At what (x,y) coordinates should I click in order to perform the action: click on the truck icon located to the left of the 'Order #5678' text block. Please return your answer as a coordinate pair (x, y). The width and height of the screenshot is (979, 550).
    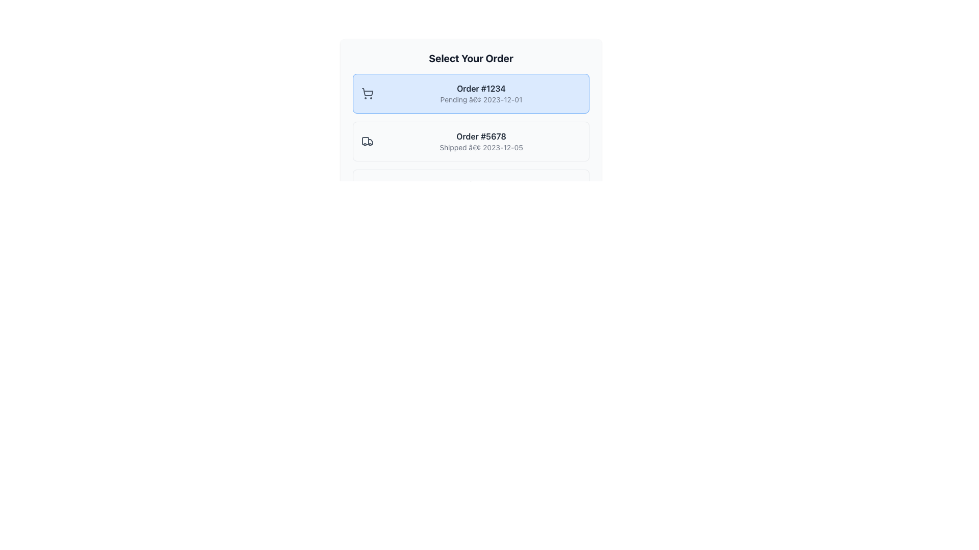
    Looking at the image, I should click on (367, 141).